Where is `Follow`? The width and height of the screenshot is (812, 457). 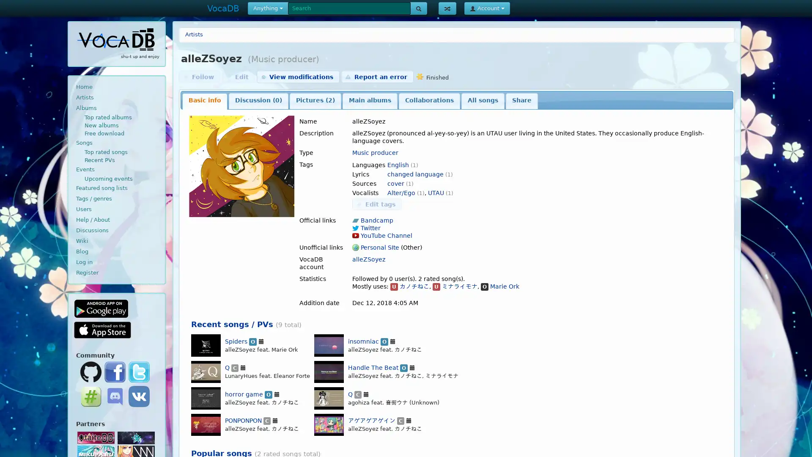 Follow is located at coordinates (199, 77).